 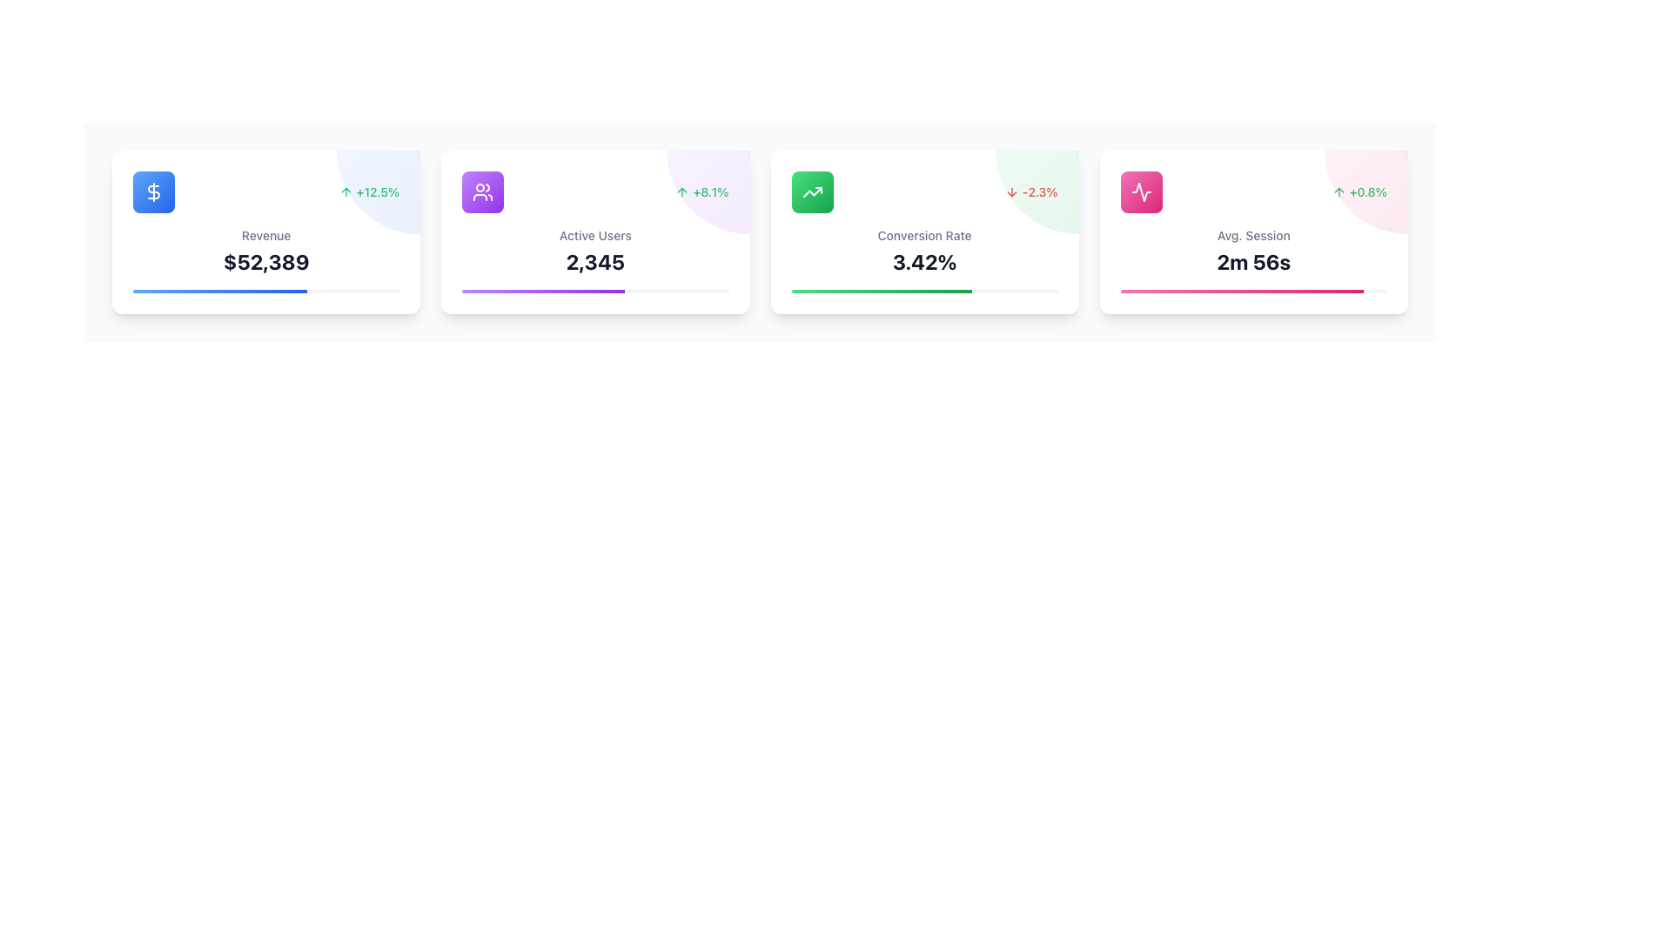 What do you see at coordinates (265, 291) in the screenshot?
I see `the horizontal progress bar located at the bottom of the revenue information card, which is filled with a gradient from blue to darker blue` at bounding box center [265, 291].